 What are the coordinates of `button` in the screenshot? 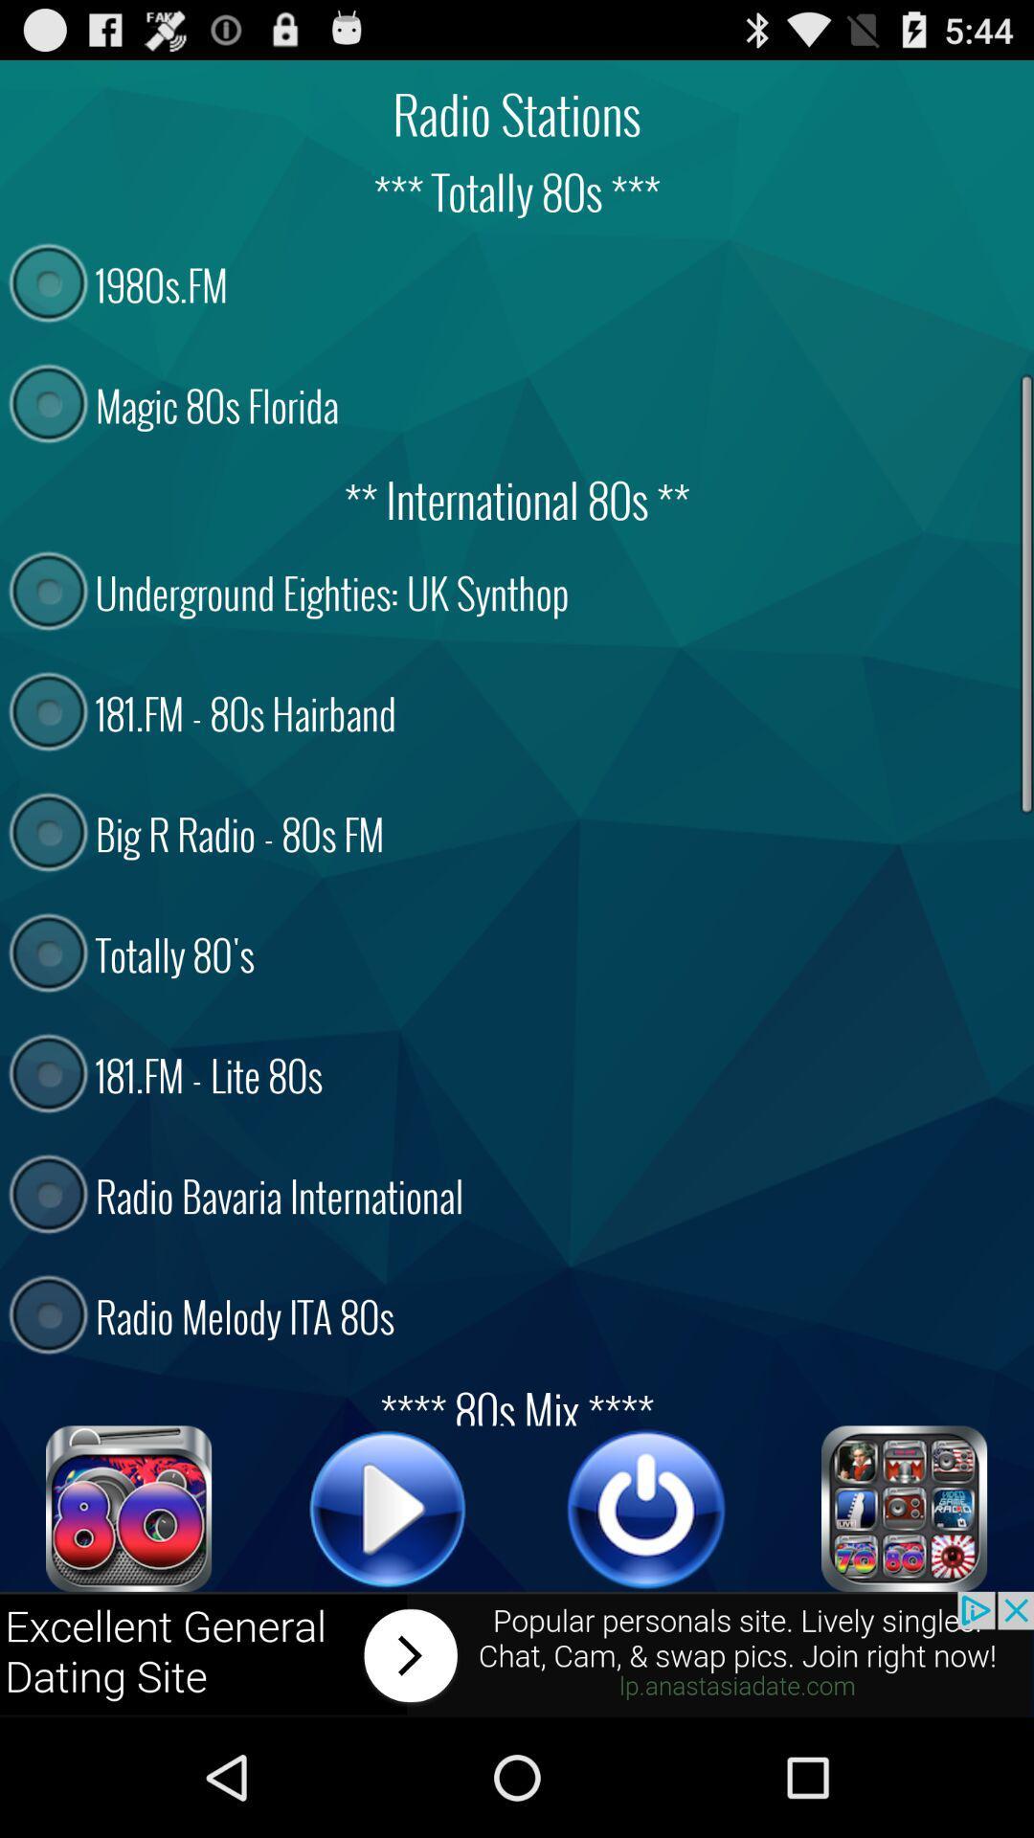 It's located at (388, 1508).